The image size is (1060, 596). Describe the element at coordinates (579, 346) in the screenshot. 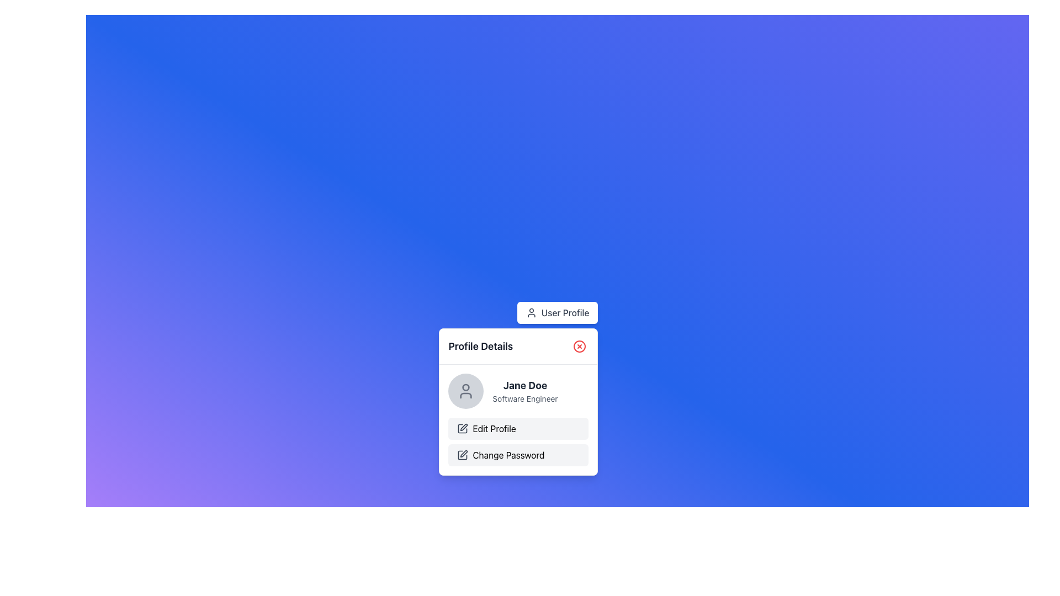

I see `the close Icon button located at the top-right corner of the 'Profile Details' section` at that location.